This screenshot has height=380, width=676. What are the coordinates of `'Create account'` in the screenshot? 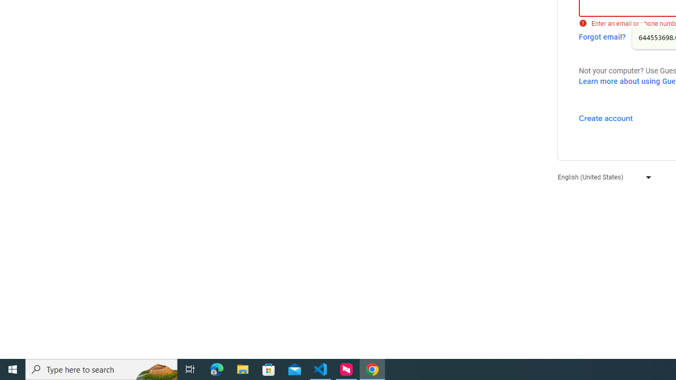 It's located at (605, 118).